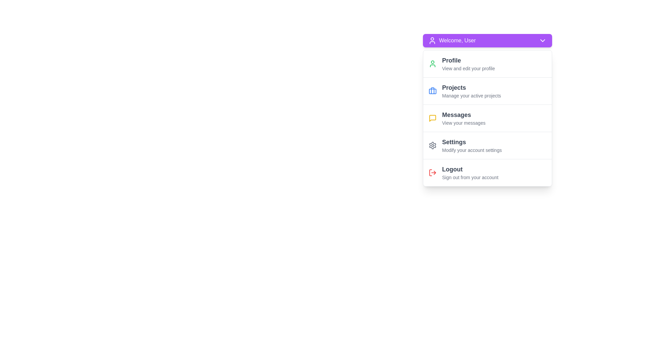 The image size is (646, 363). What do you see at coordinates (463, 118) in the screenshot?
I see `the Text label pair in the dropdown menu under 'Welcome, User'` at bounding box center [463, 118].